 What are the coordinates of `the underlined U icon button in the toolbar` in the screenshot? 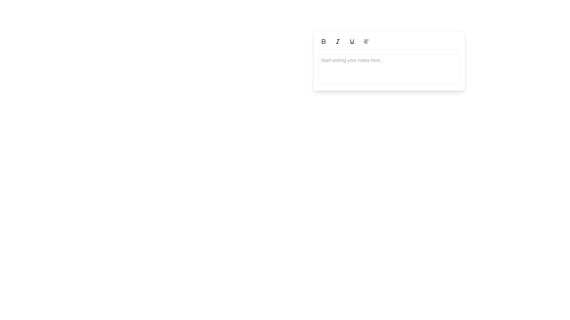 It's located at (352, 41).